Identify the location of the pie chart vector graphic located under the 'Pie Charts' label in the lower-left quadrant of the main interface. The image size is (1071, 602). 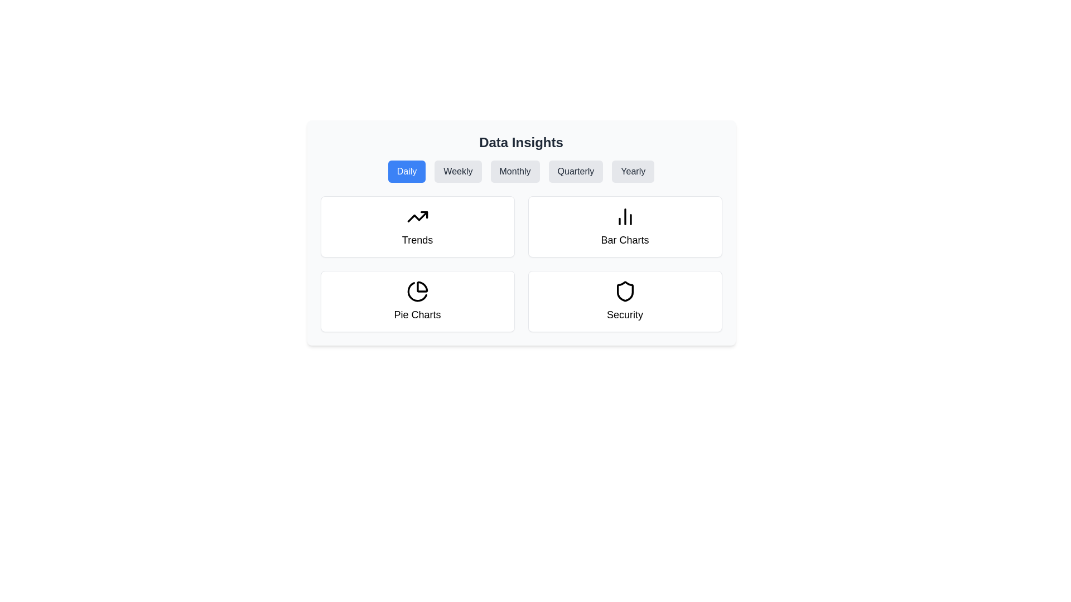
(416, 291).